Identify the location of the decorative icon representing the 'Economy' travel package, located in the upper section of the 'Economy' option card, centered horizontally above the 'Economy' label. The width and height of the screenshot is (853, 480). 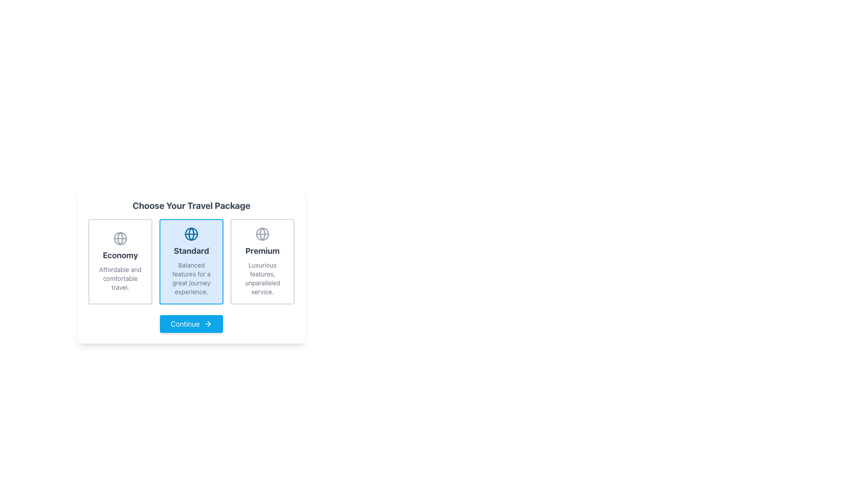
(120, 238).